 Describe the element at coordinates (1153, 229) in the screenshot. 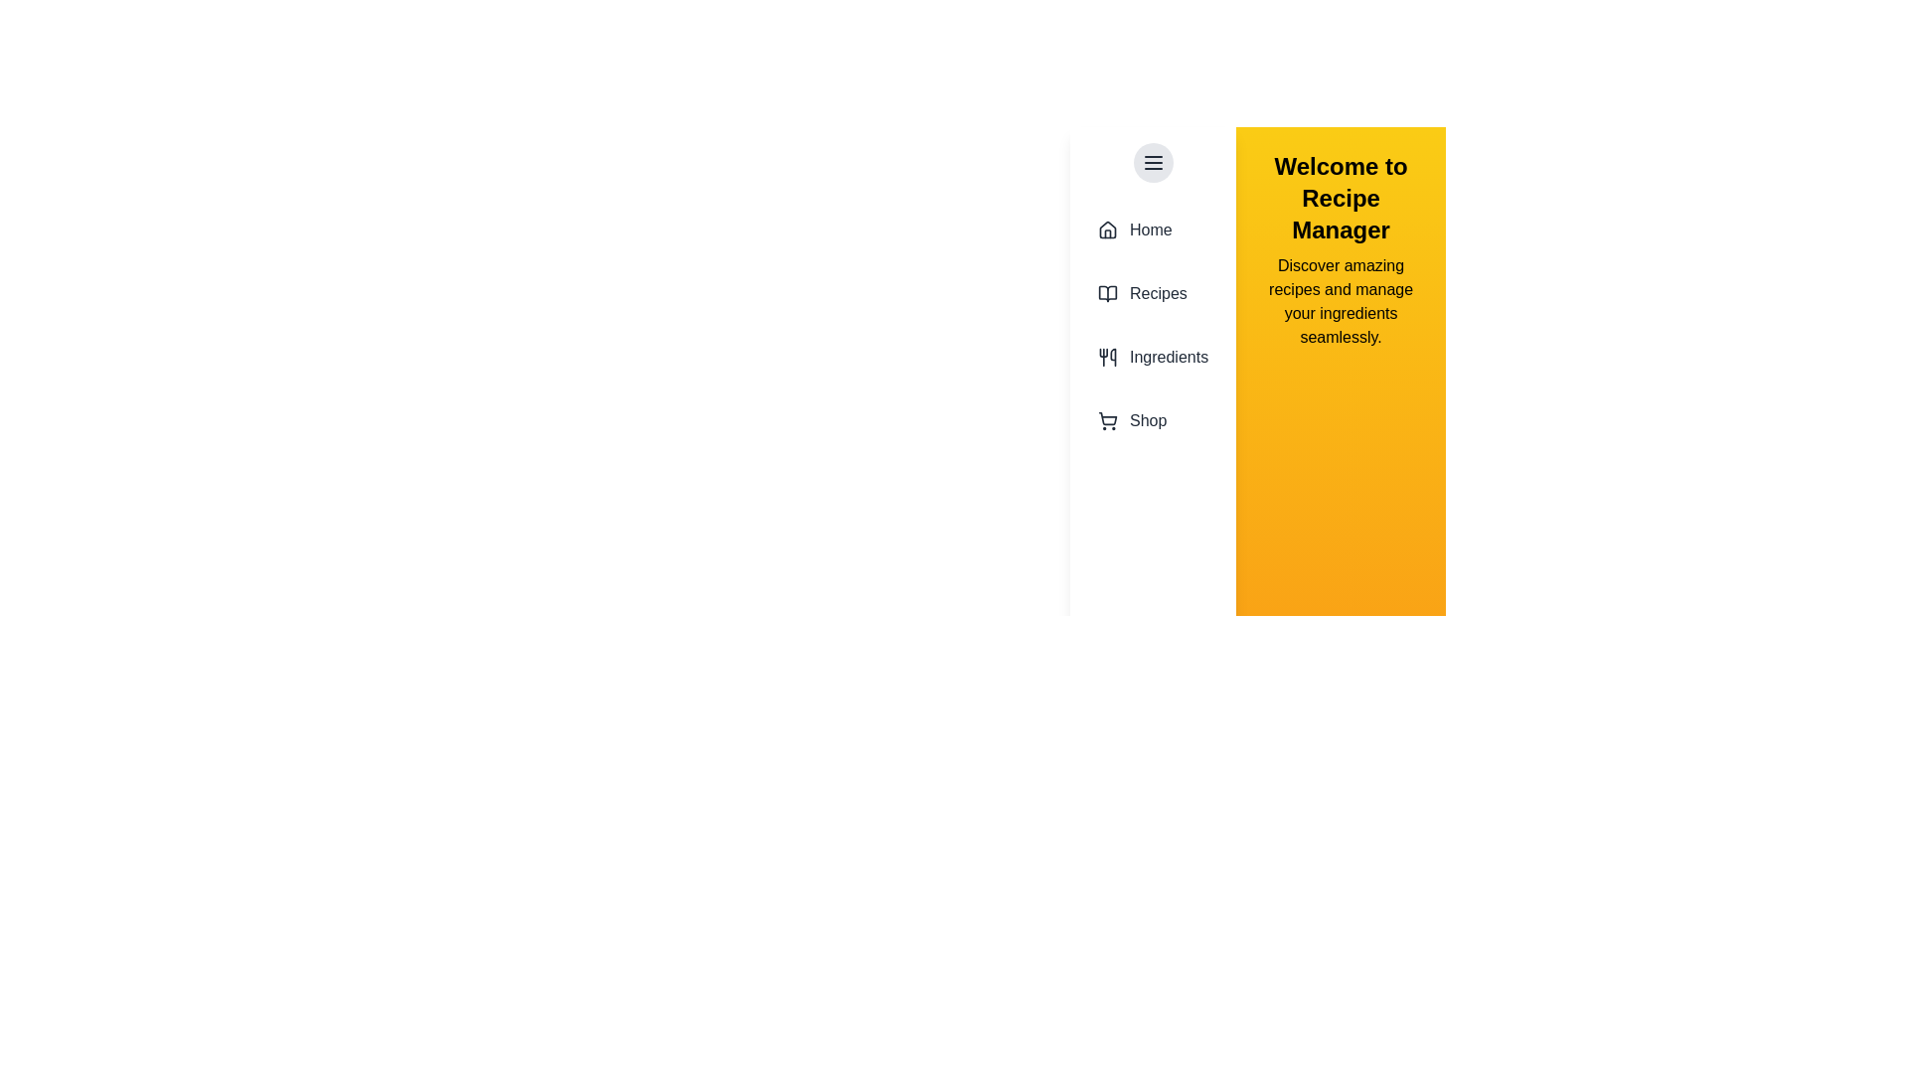

I see `the category item labeled Home in the drawer` at that location.